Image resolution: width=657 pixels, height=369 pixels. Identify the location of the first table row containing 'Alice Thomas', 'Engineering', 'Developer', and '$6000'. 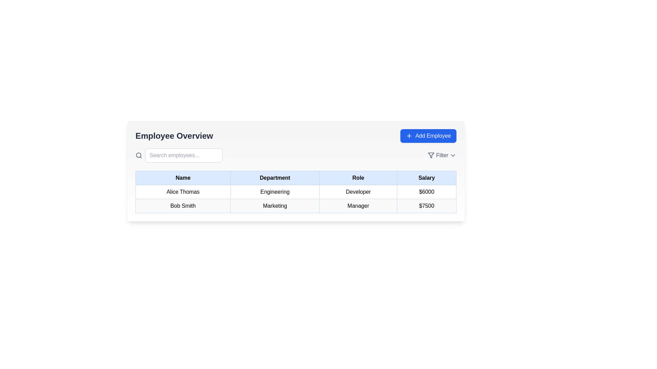
(296, 192).